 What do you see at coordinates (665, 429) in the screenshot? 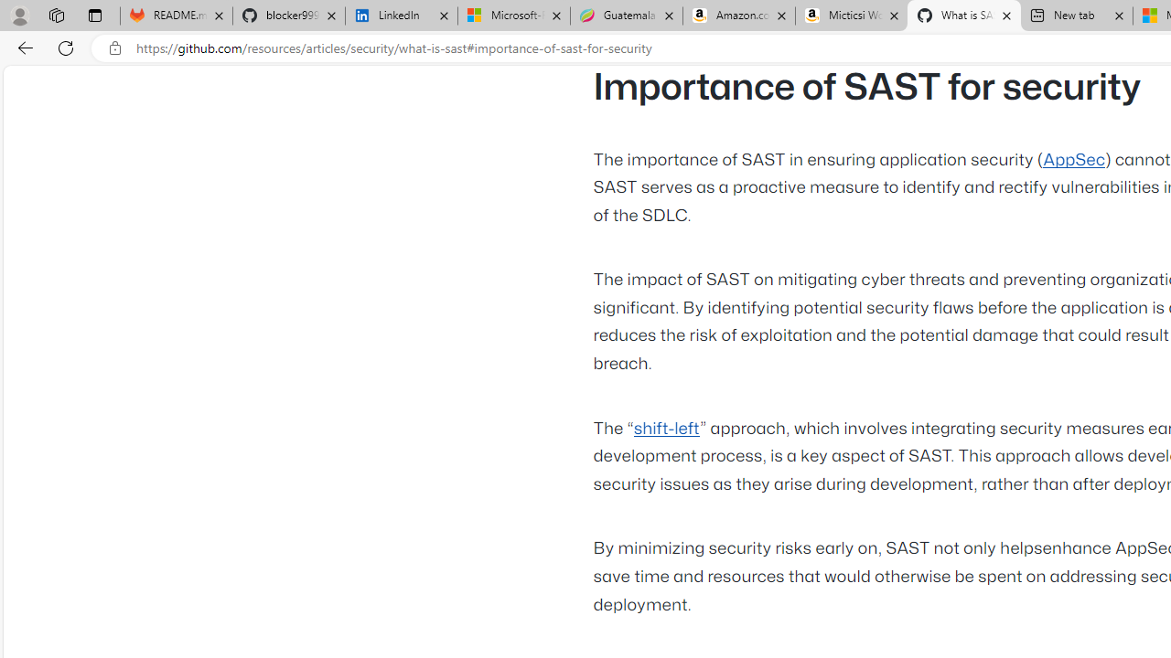
I see `'shift-left'` at bounding box center [665, 429].